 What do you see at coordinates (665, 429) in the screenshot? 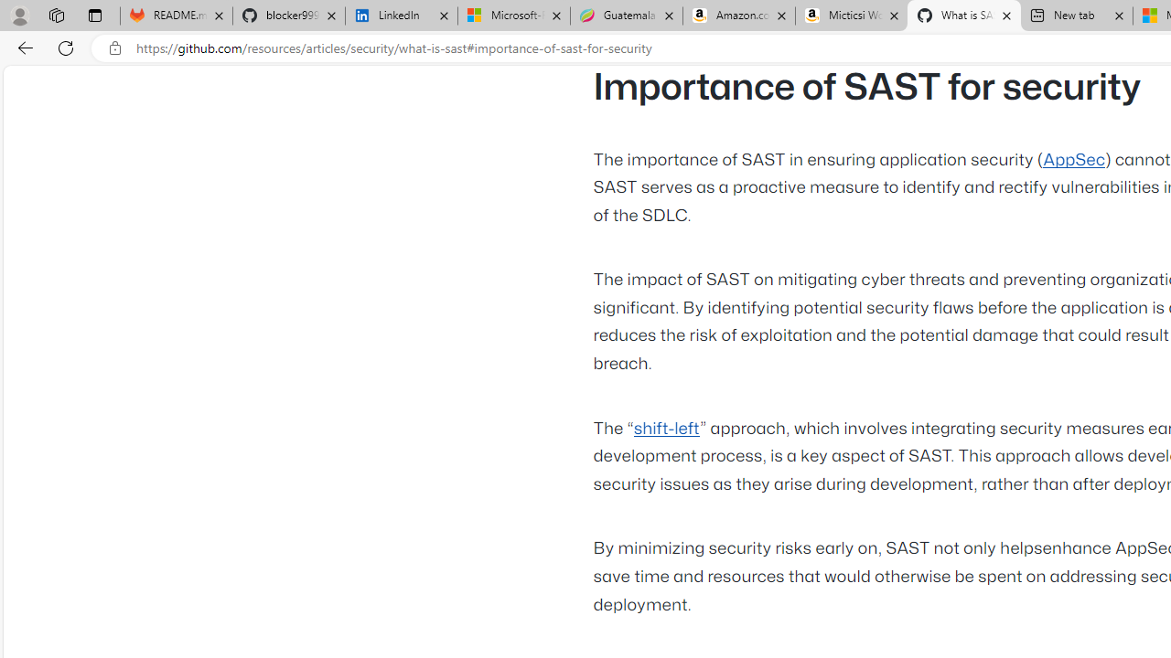
I see `'shift-left'` at bounding box center [665, 429].